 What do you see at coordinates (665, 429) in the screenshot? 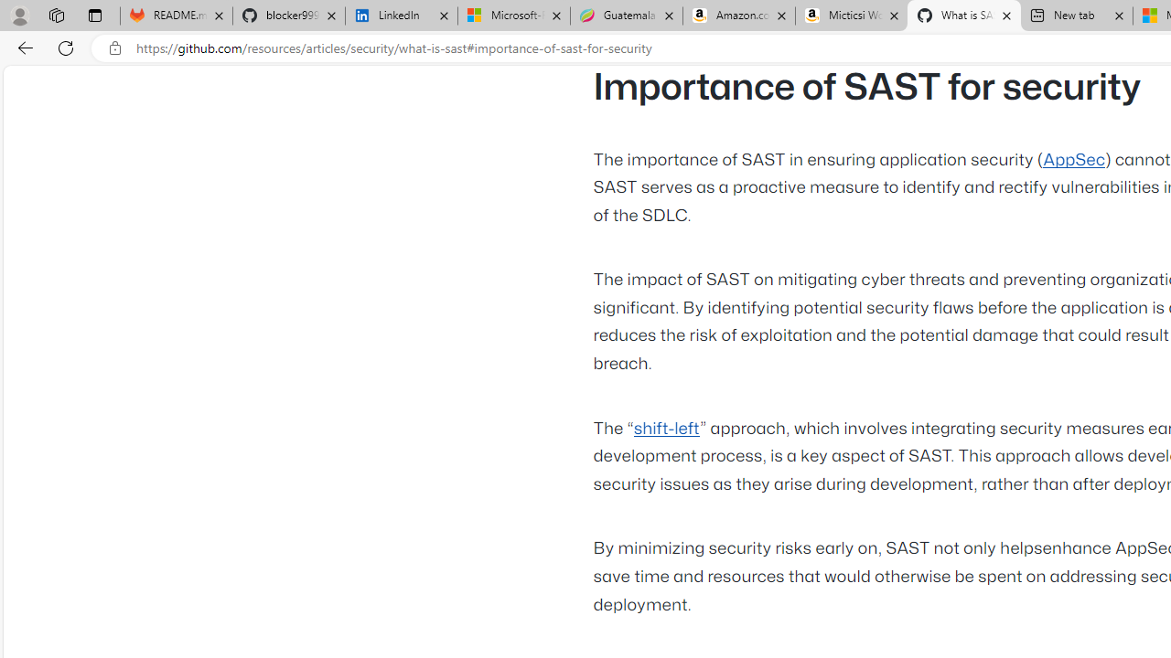
I see `'shift-left'` at bounding box center [665, 429].